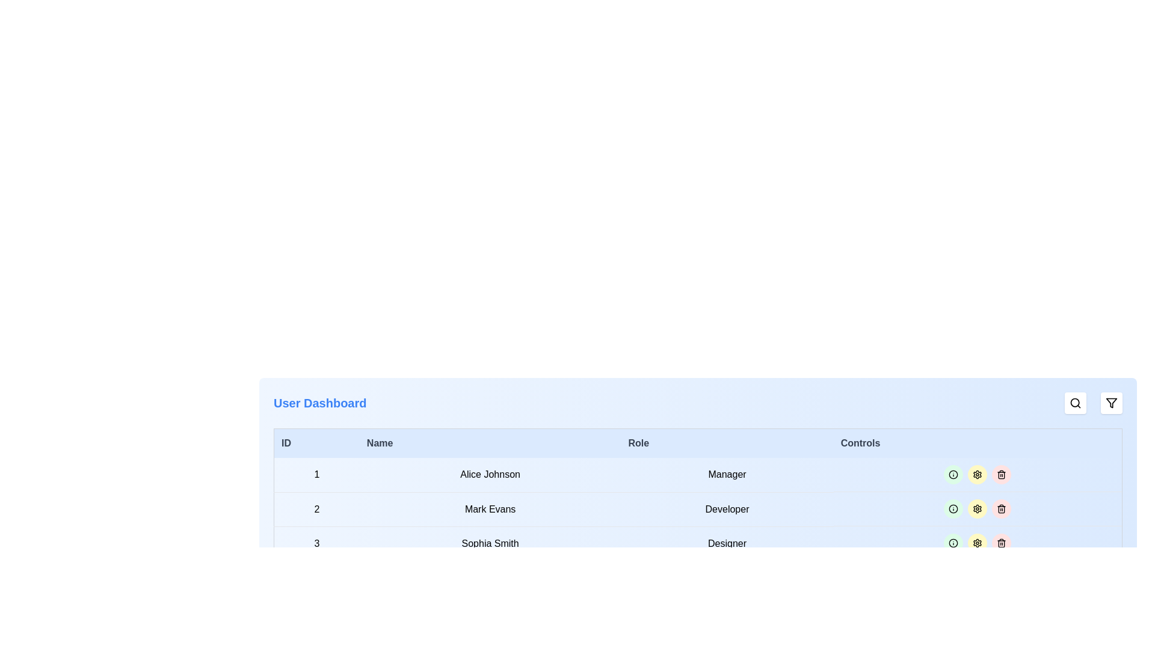 This screenshot has height=649, width=1155. I want to click on the delete icon in the Controls column of the table for the entry 'Alice Johnson', so click(1002, 474).